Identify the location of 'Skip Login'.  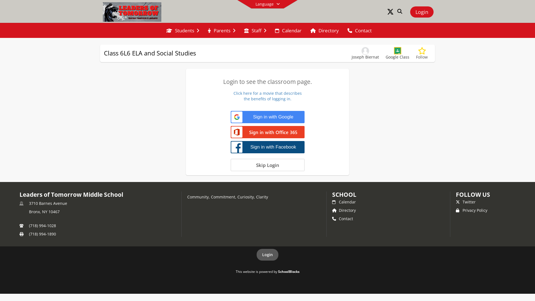
(267, 164).